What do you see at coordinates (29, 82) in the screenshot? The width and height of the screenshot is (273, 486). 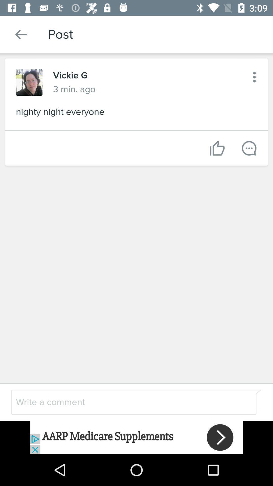 I see `show the profile picture` at bounding box center [29, 82].